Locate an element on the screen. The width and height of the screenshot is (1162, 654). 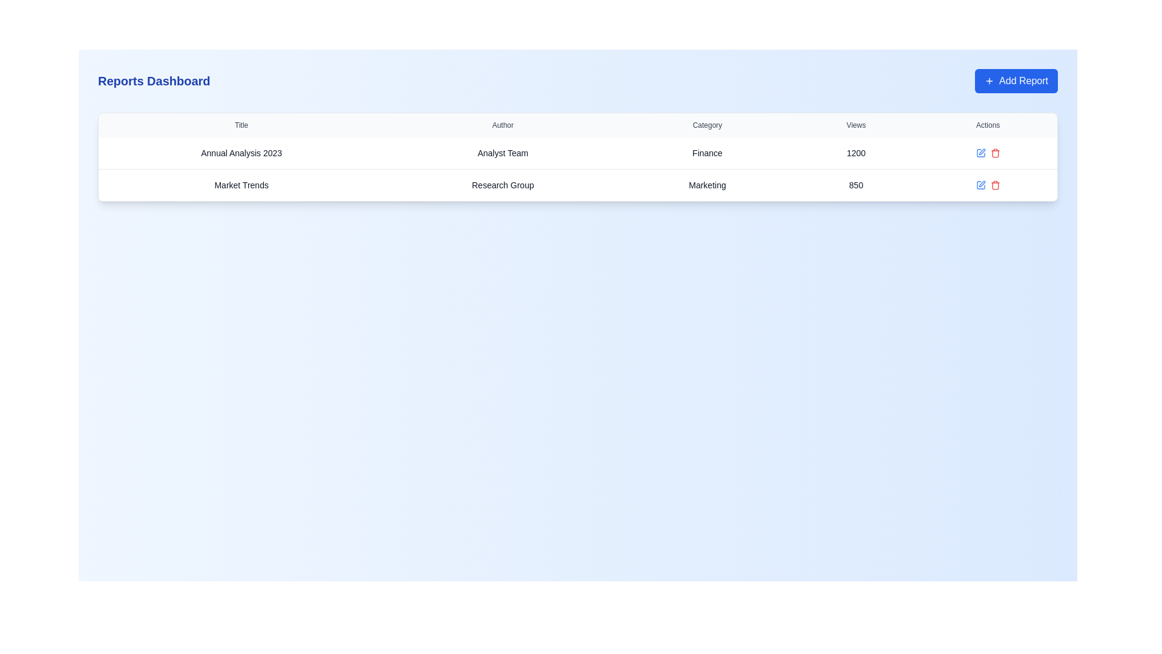
the second row of the table that displays the report's attributes, which includes 'Market Trends', 'Research Group', 'Marketing', and '850' is located at coordinates (577, 184).